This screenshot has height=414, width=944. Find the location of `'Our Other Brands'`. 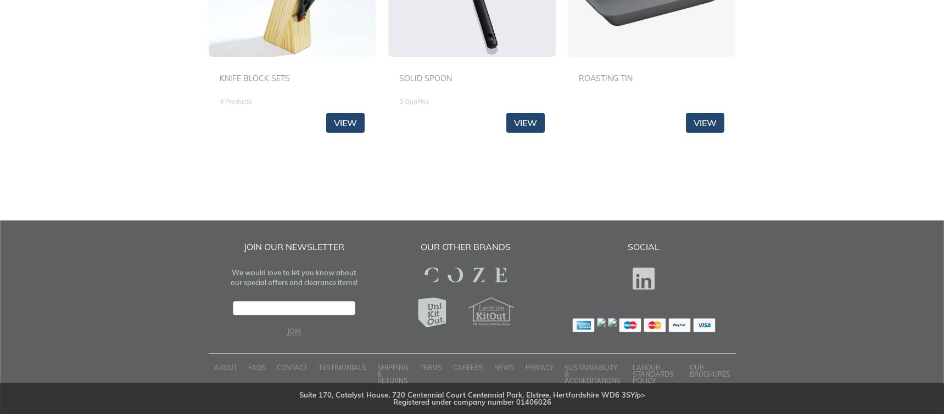

'Our Other Brands' is located at coordinates (465, 246).